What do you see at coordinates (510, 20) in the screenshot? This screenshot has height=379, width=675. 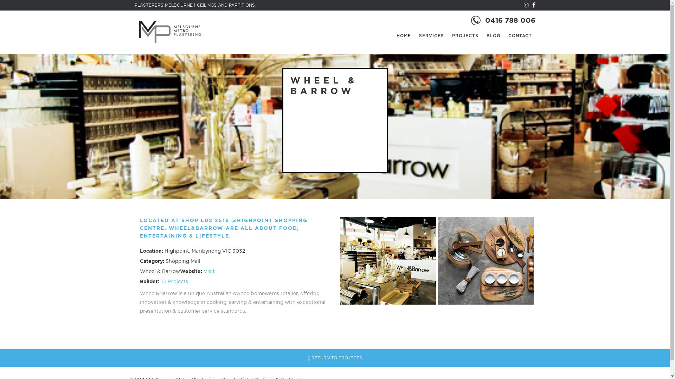 I see `'0416 788 006'` at bounding box center [510, 20].